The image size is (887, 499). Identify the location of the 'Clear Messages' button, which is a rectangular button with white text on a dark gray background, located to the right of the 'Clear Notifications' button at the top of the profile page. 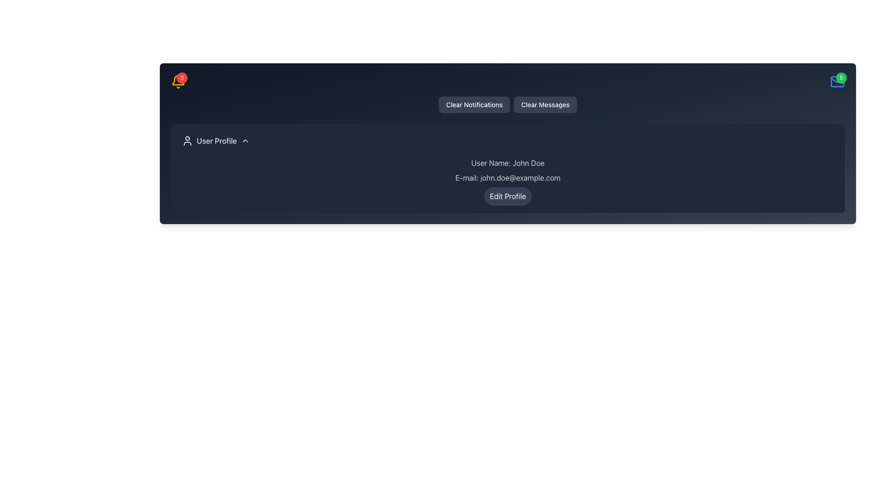
(545, 104).